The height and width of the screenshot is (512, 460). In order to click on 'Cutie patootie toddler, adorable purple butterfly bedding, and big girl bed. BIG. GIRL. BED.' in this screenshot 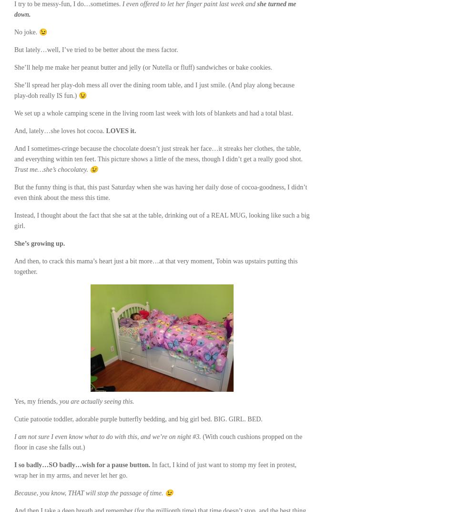, I will do `click(14, 418)`.